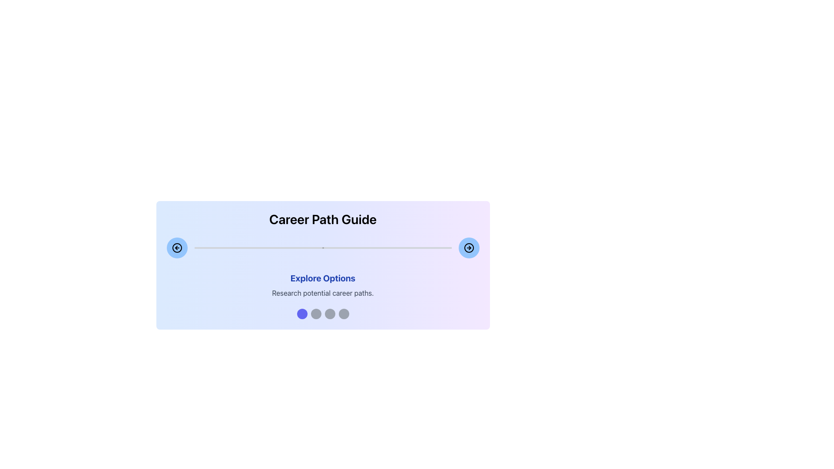  What do you see at coordinates (176, 248) in the screenshot?
I see `the circular button with a black outline and blue background, featuring a leftward pointing arrow` at bounding box center [176, 248].